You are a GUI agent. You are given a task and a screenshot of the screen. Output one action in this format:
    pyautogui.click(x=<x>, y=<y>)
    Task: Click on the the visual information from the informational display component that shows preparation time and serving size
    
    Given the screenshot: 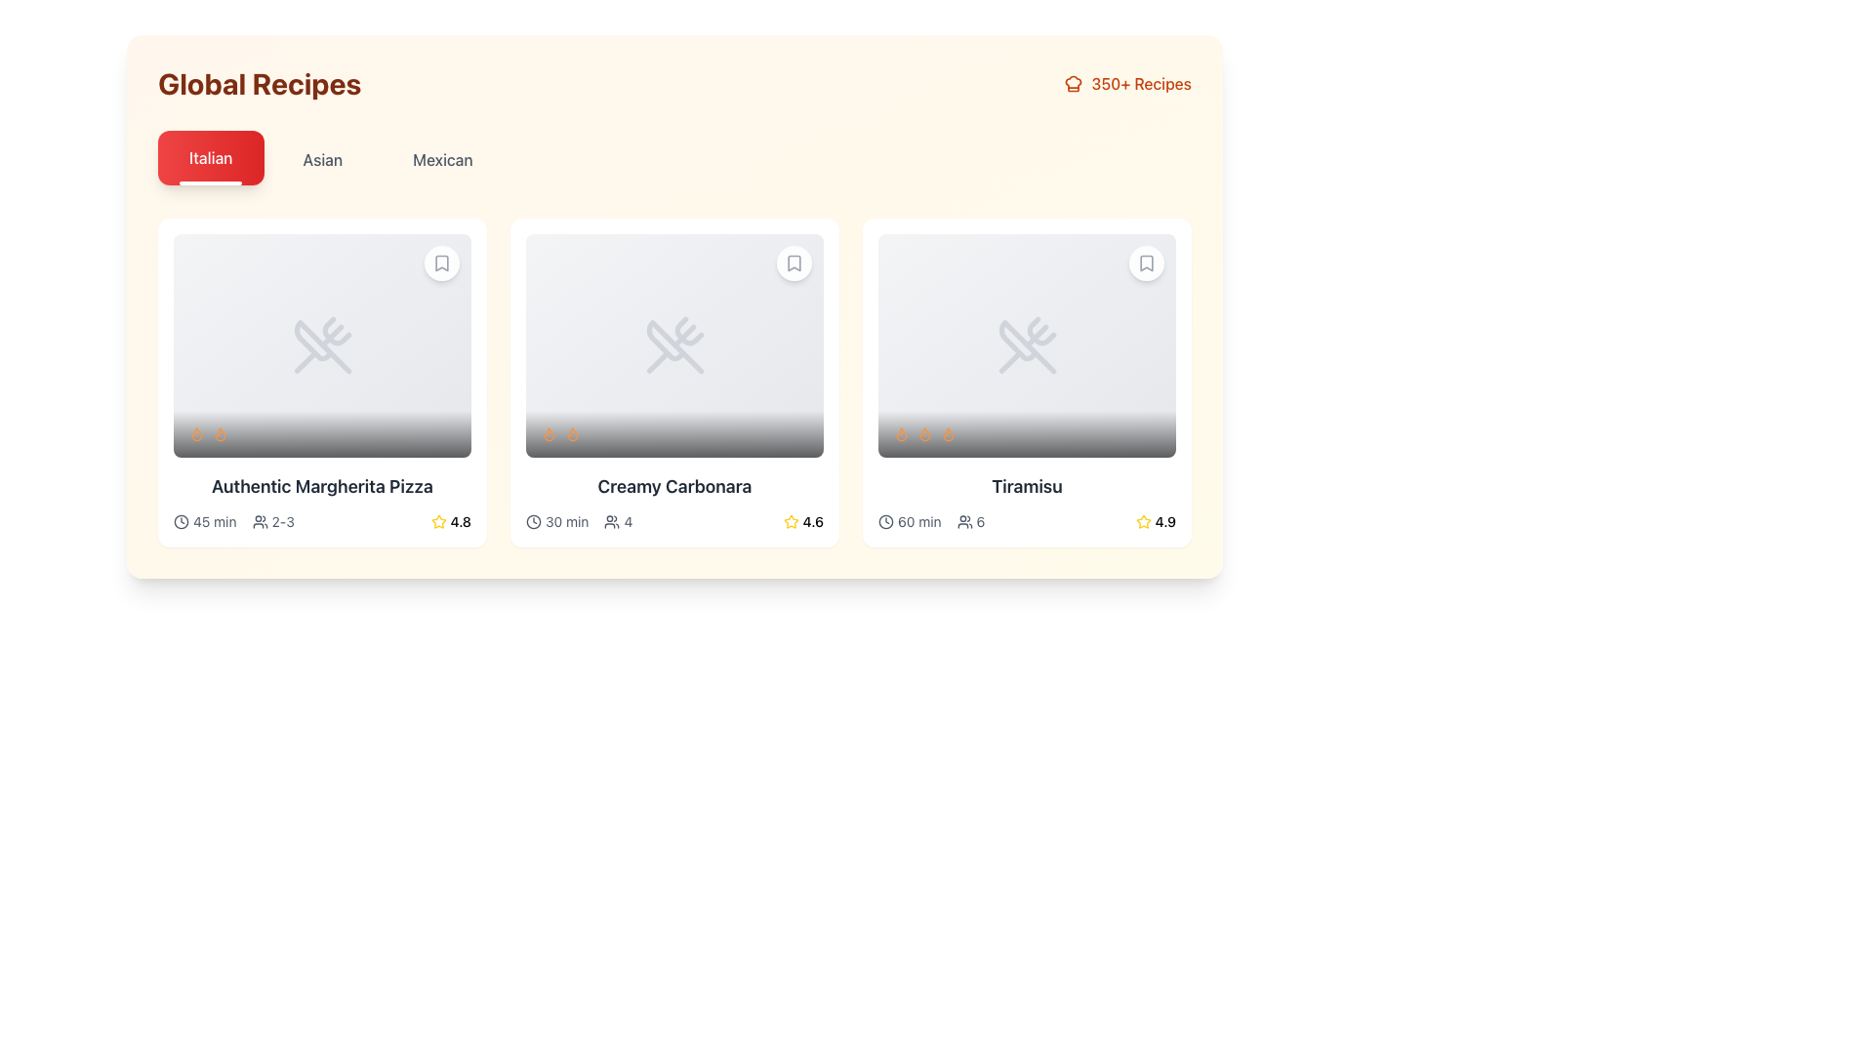 What is the action you would take?
    pyautogui.click(x=578, y=520)
    